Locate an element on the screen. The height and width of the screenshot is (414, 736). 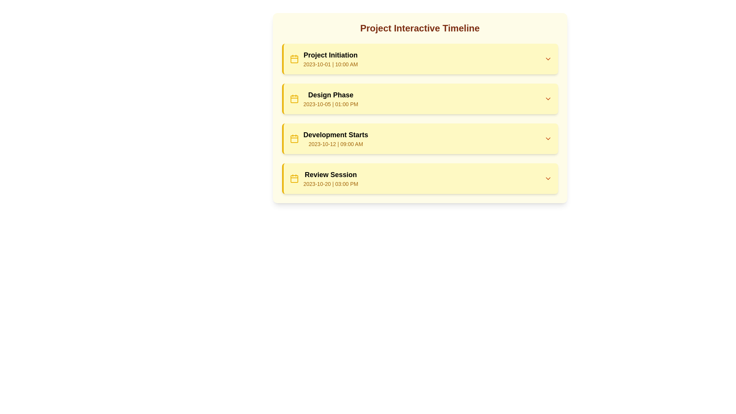
the text label that serves as a title for the corresponding timeline entry, located above the date and time '2023-10-20 | 03:00 PM' in the fourth card of the timeline is located at coordinates (331, 174).